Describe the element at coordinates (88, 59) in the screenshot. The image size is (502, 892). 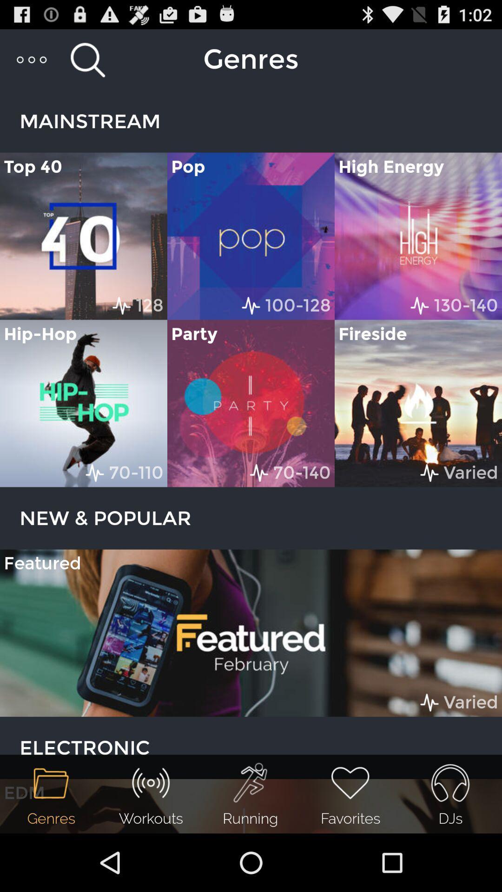
I see `the icon beside genres` at that location.